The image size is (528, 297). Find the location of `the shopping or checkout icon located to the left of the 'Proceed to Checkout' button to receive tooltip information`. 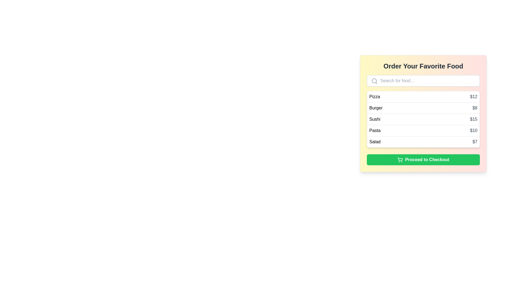

the shopping or checkout icon located to the left of the 'Proceed to Checkout' button to receive tooltip information is located at coordinates (400, 160).